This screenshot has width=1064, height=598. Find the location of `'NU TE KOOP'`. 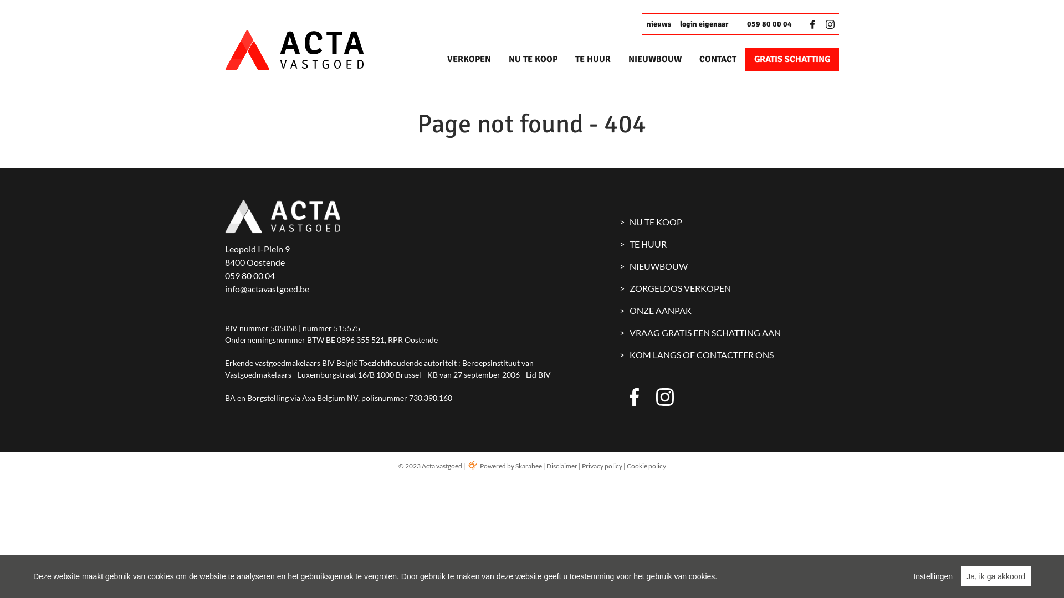

'NU TE KOOP' is located at coordinates (533, 59).